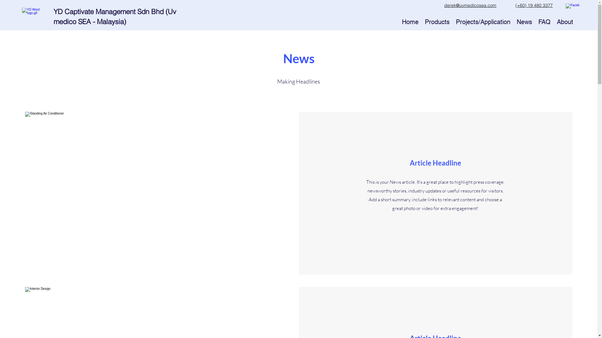  What do you see at coordinates (554, 21) in the screenshot?
I see `'About'` at bounding box center [554, 21].